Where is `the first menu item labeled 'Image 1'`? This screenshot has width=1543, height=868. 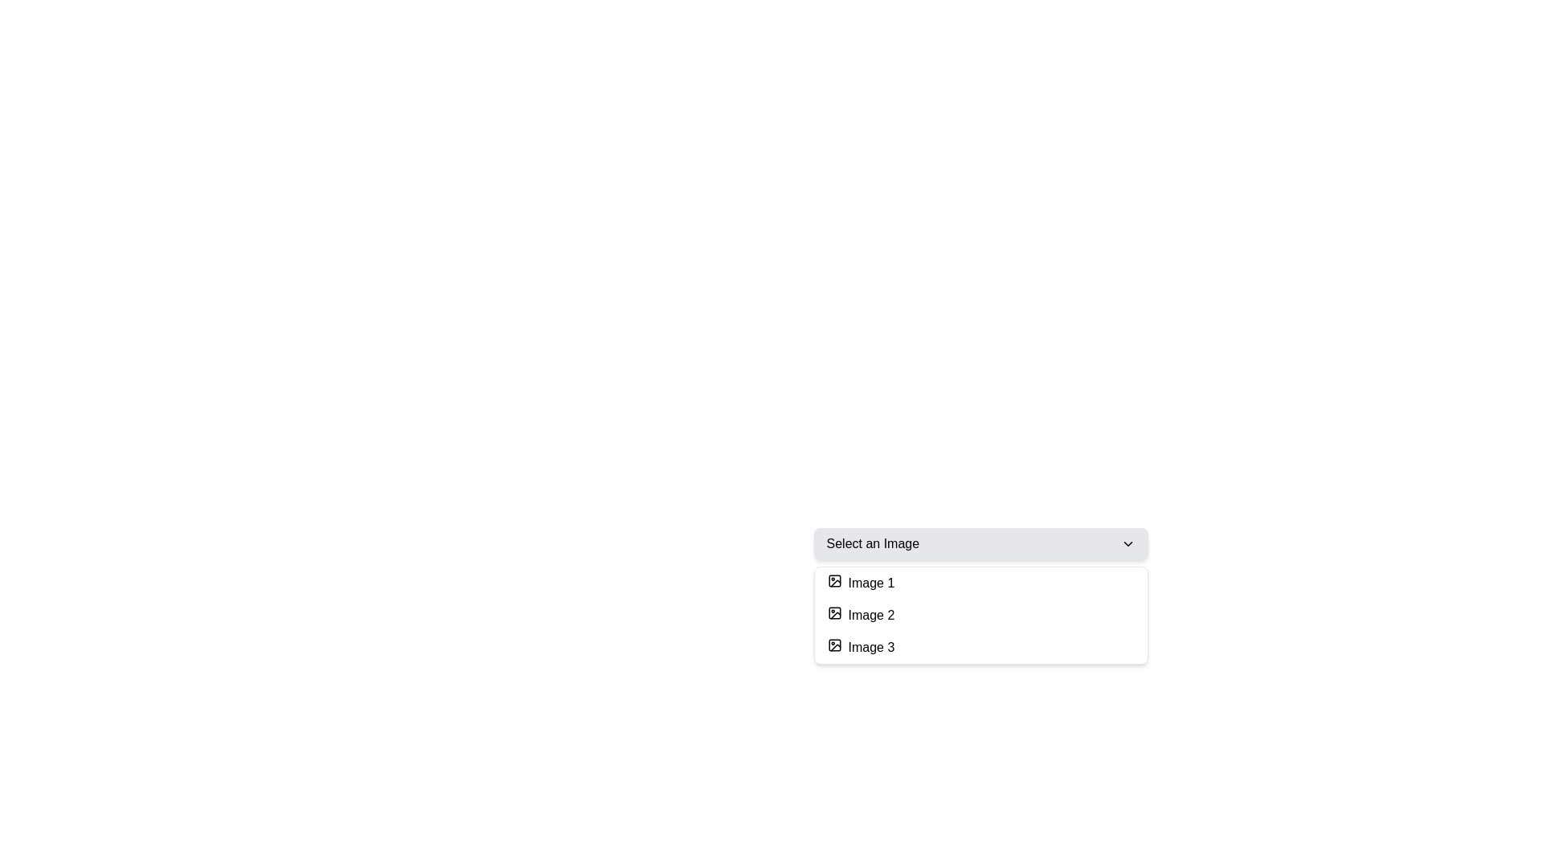 the first menu item labeled 'Image 1' is located at coordinates (980, 583).